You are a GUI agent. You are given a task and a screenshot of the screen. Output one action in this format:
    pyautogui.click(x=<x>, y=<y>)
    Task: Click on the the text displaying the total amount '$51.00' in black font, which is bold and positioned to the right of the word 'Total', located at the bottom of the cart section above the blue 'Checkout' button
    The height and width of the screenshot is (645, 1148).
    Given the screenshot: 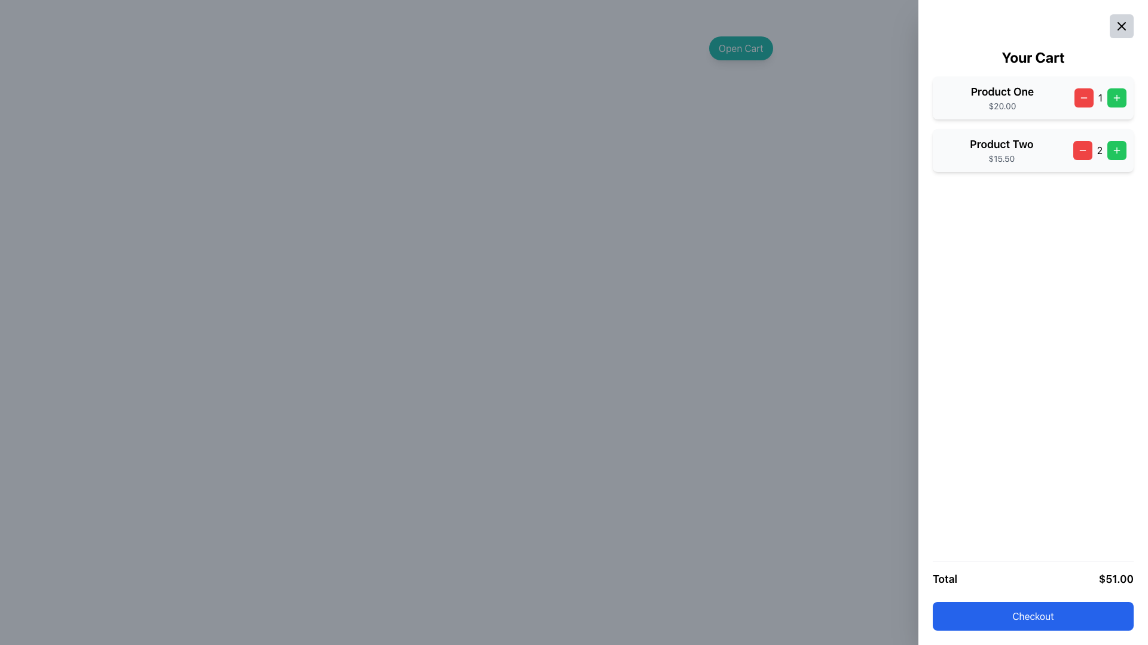 What is the action you would take?
    pyautogui.click(x=1115, y=578)
    